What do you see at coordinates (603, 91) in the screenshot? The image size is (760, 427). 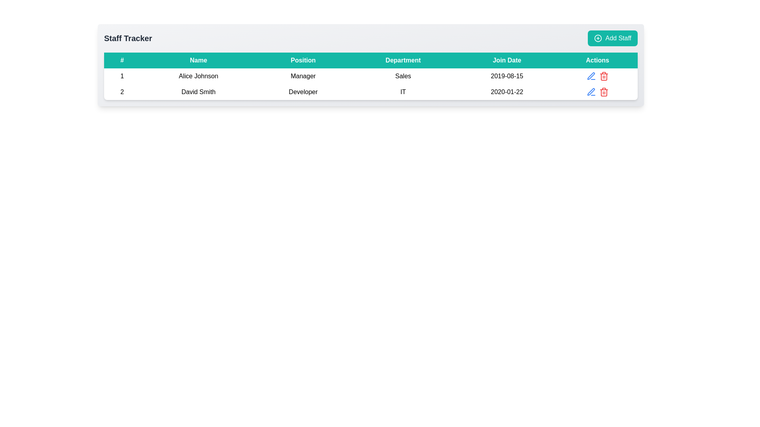 I see `the red trash bin icon located in the 'Actions' column of the second row in the 'Staff Tracker' table for additional actions` at bounding box center [603, 91].